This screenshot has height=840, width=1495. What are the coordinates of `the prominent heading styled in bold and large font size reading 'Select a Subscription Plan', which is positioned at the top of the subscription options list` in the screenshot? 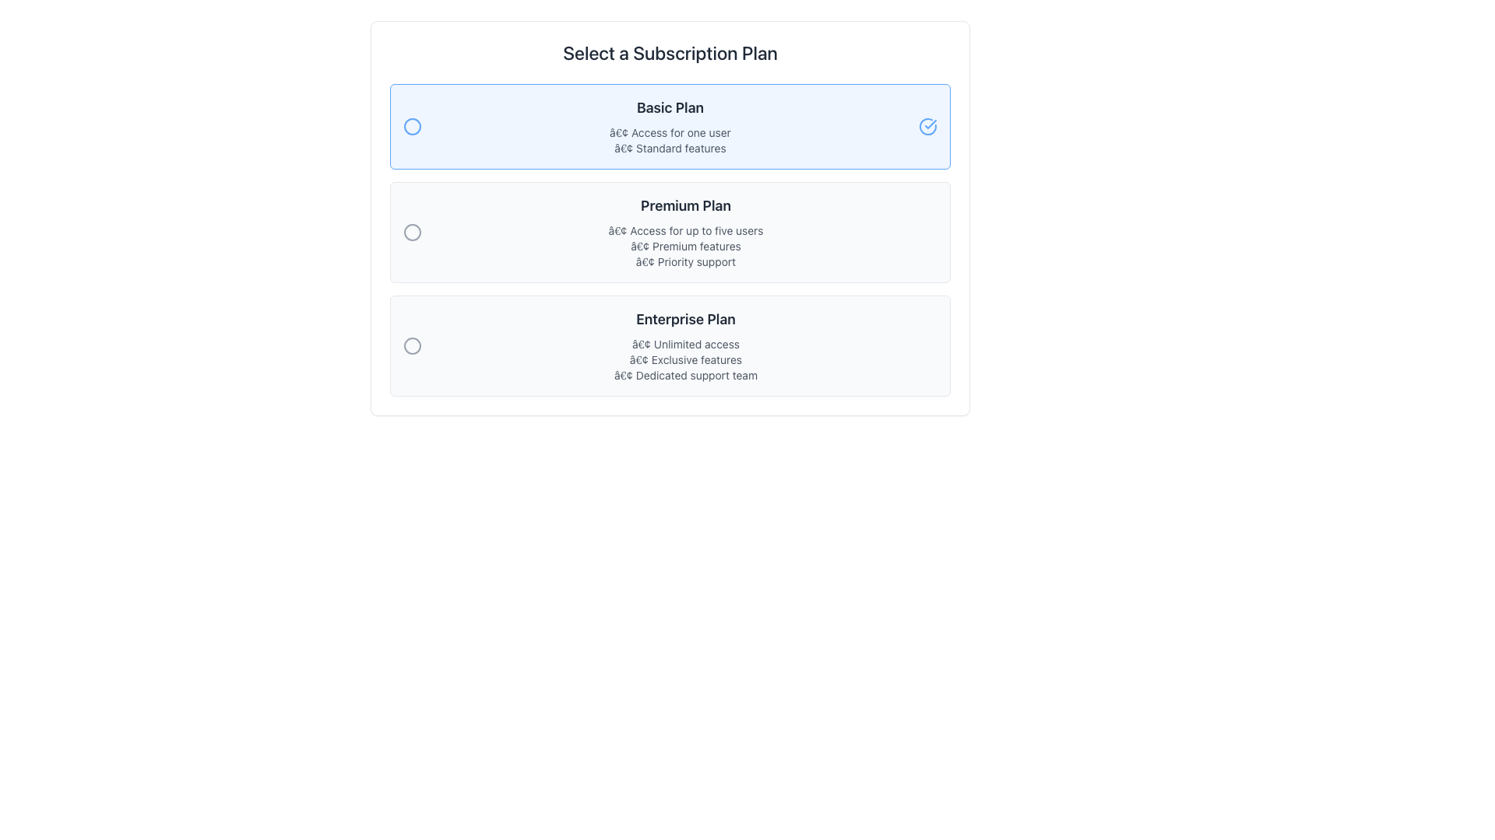 It's located at (670, 52).